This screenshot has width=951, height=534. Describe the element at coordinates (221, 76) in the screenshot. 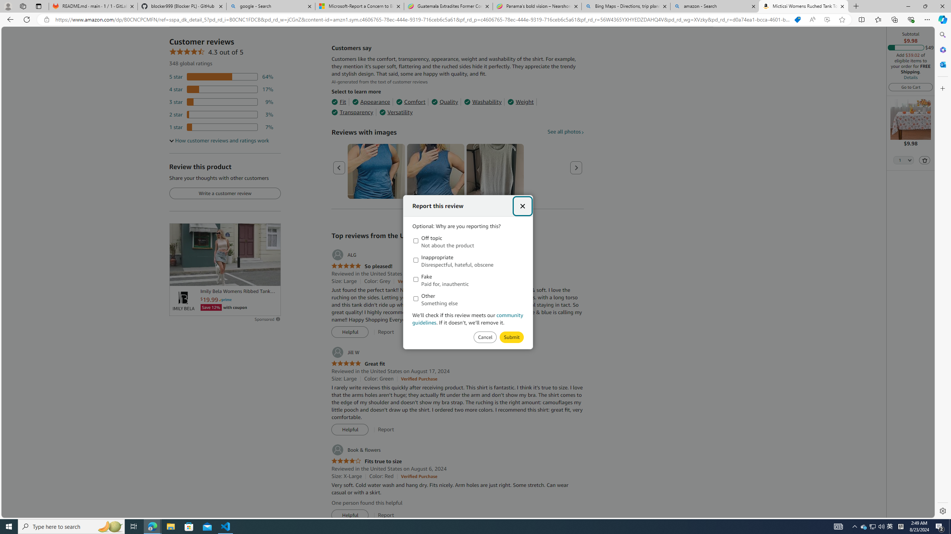

I see `'64 percent of reviews have 5 stars'` at that location.